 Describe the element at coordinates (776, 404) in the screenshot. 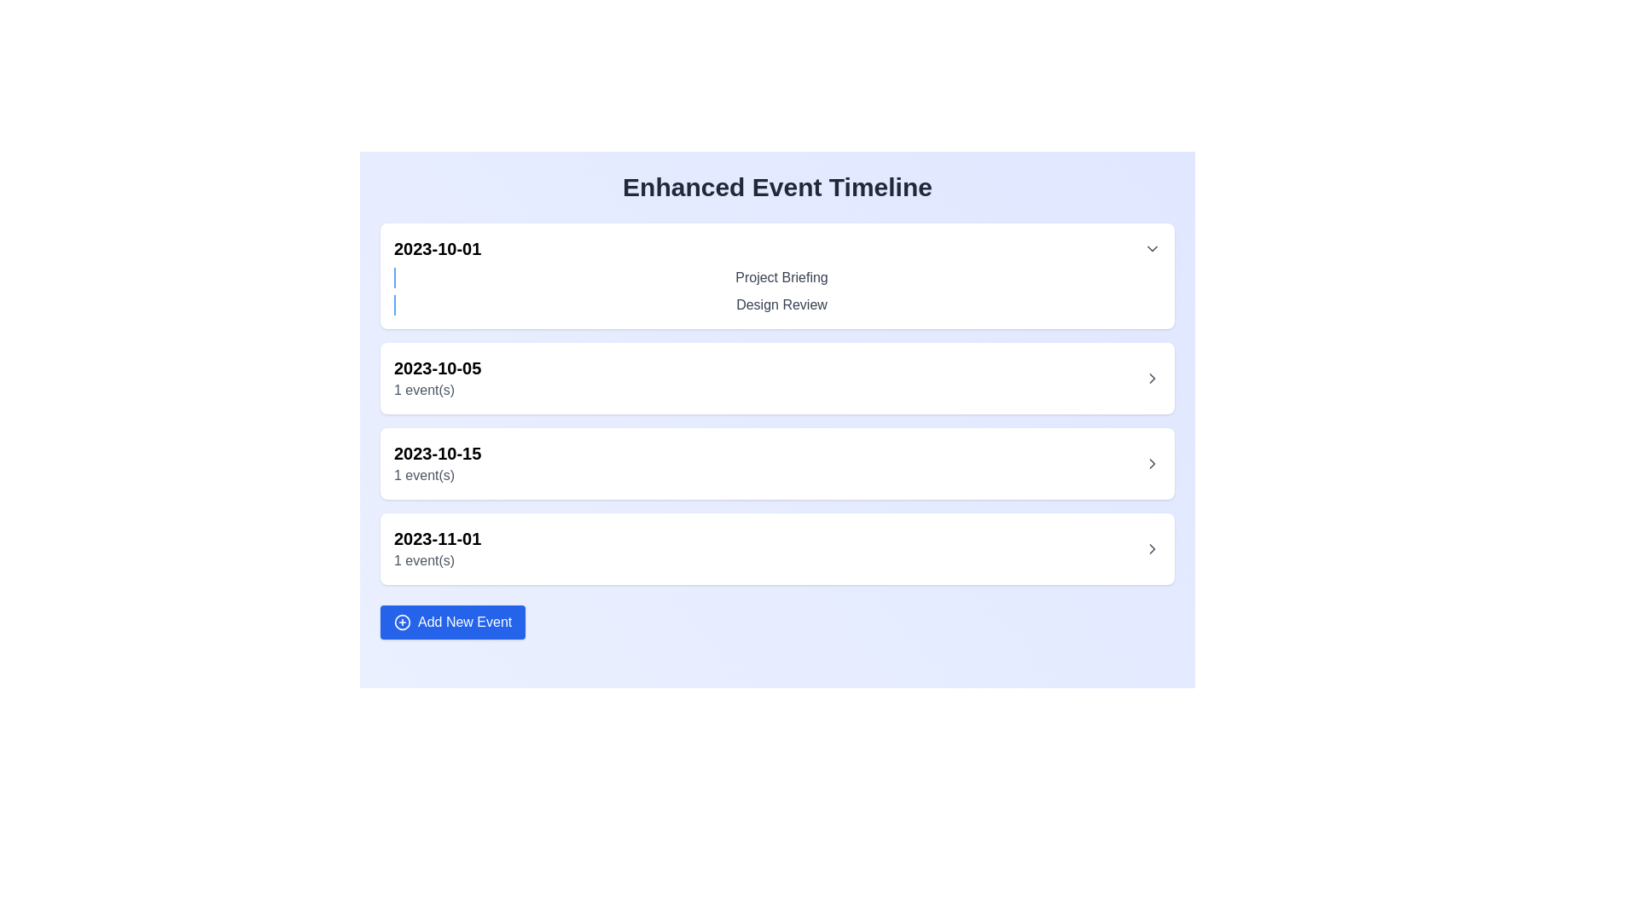

I see `the white card element containing the date '2023-10-05' and event count '1 event(s)', which is the second card in a vertically stacked list of event cards` at that location.